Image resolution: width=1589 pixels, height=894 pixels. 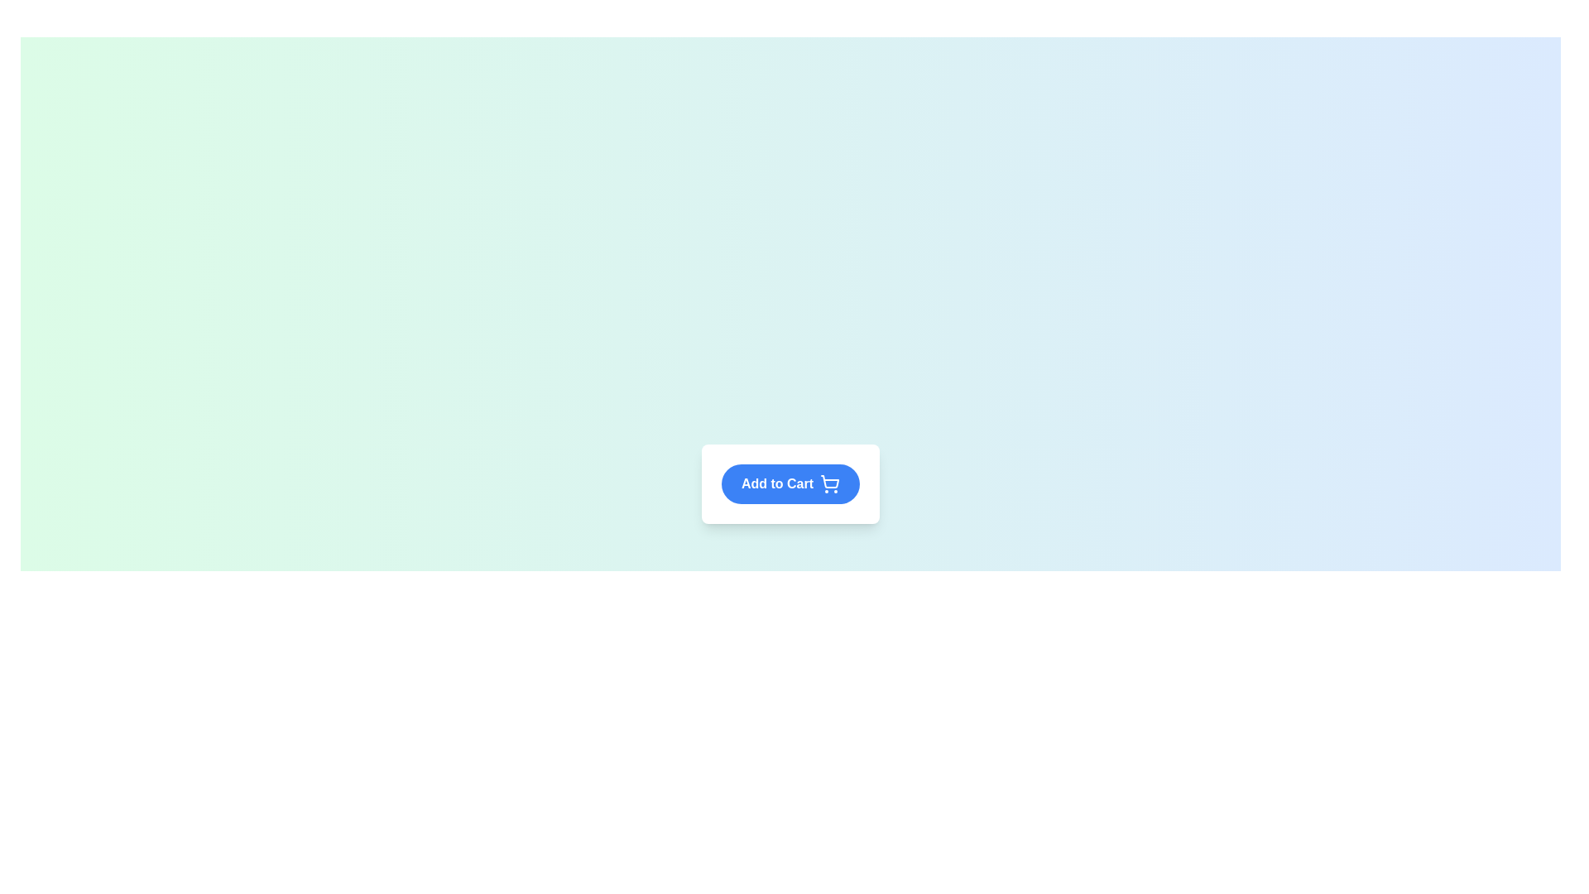 What do you see at coordinates (830, 482) in the screenshot?
I see `the shopping cart icon located within the inline SVG element` at bounding box center [830, 482].